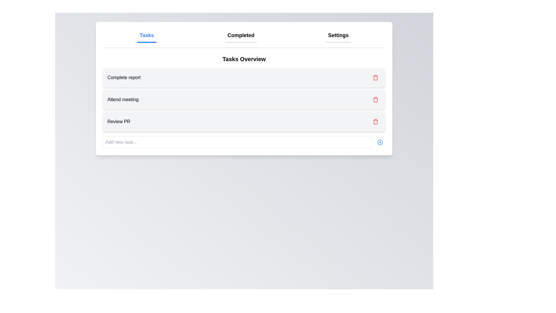 The image size is (556, 313). I want to click on the trash bin icon, which visually represents the delete action associated with the 'Attend meeting' list item, so click(375, 99).